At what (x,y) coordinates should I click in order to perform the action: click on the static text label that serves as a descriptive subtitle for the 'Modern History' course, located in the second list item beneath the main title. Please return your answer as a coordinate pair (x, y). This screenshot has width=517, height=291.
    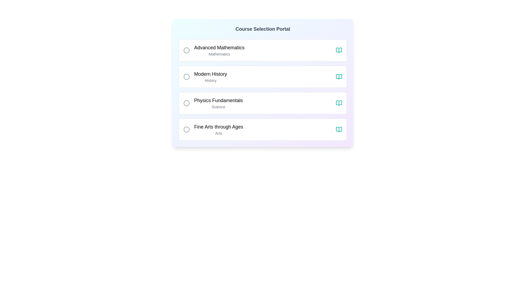
    Looking at the image, I should click on (210, 81).